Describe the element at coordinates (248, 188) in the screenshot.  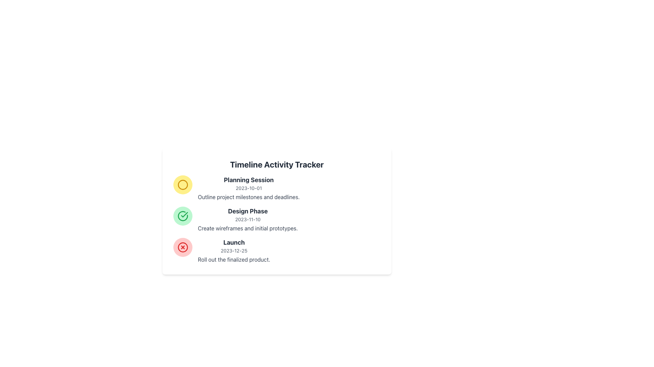
I see `displayed date from the Text Label that indicates the timeline for the 'Planning Session' task, which is located below the title and above the description` at that location.